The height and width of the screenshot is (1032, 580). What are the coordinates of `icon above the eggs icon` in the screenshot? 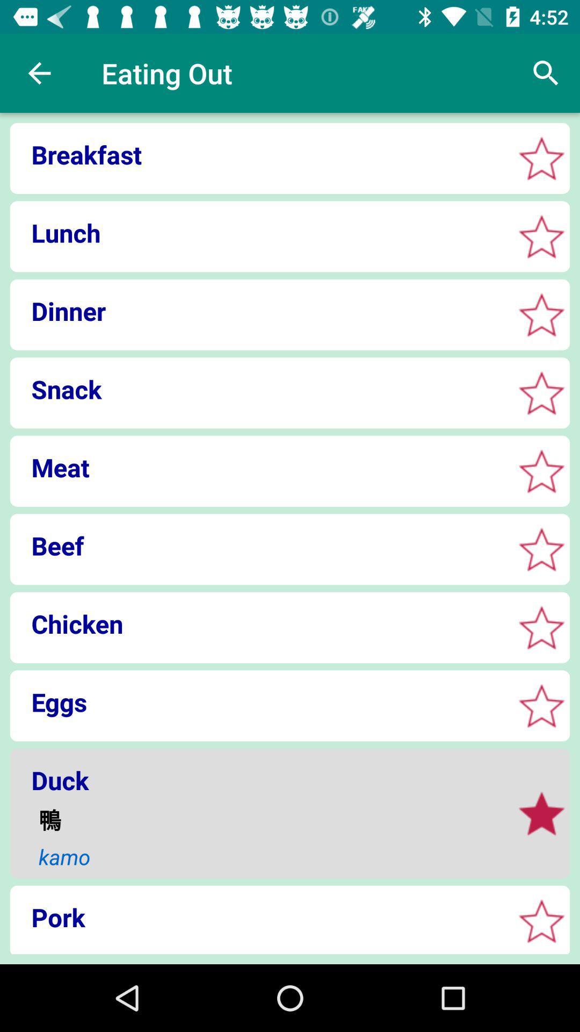 It's located at (258, 623).